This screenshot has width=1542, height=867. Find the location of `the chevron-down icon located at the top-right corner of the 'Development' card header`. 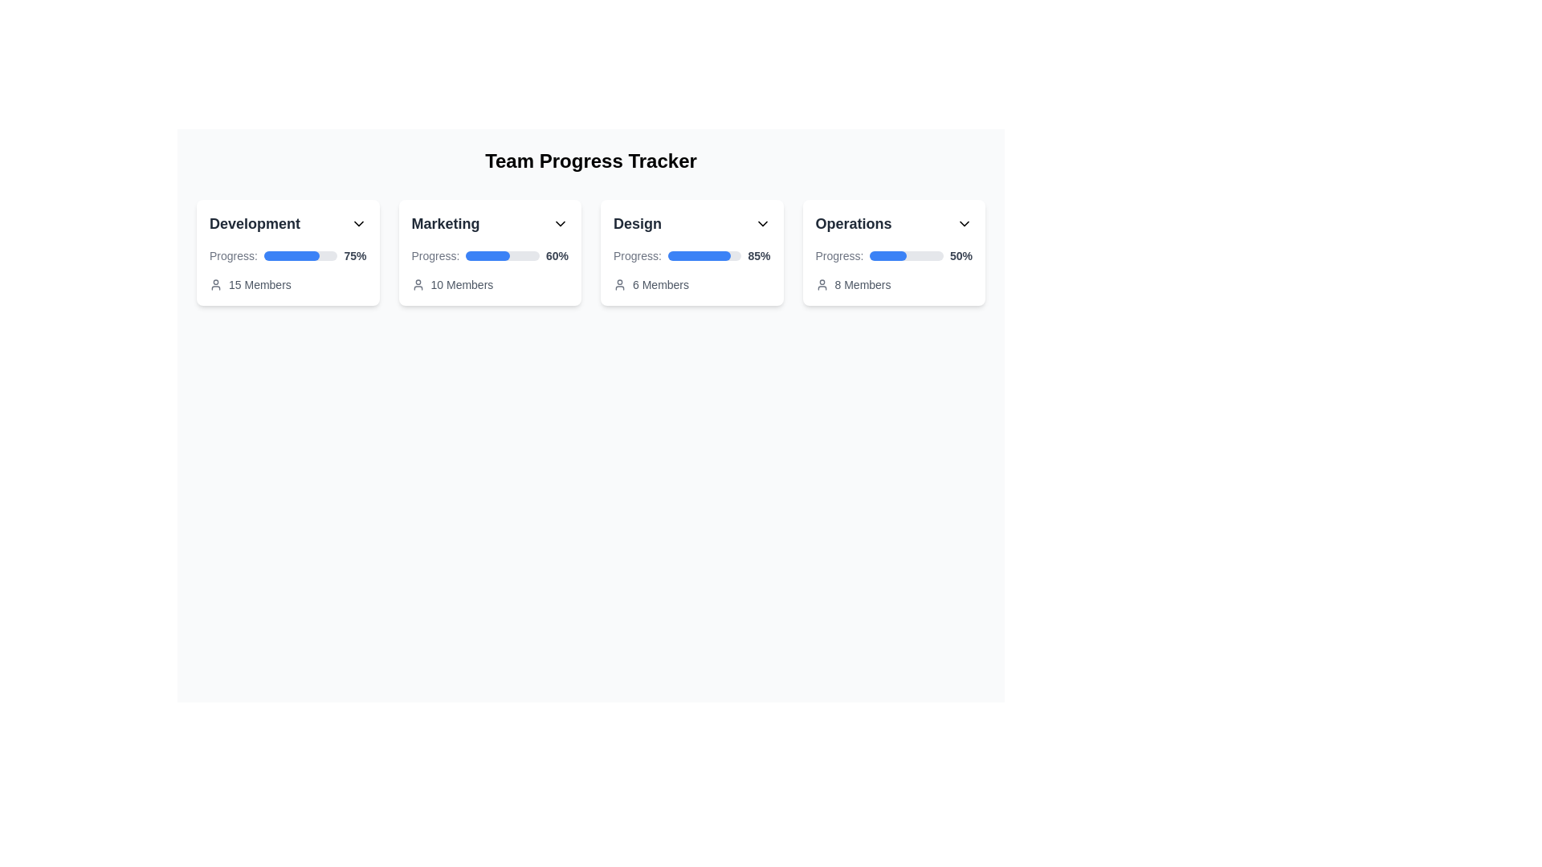

the chevron-down icon located at the top-right corner of the 'Development' card header is located at coordinates (357, 223).